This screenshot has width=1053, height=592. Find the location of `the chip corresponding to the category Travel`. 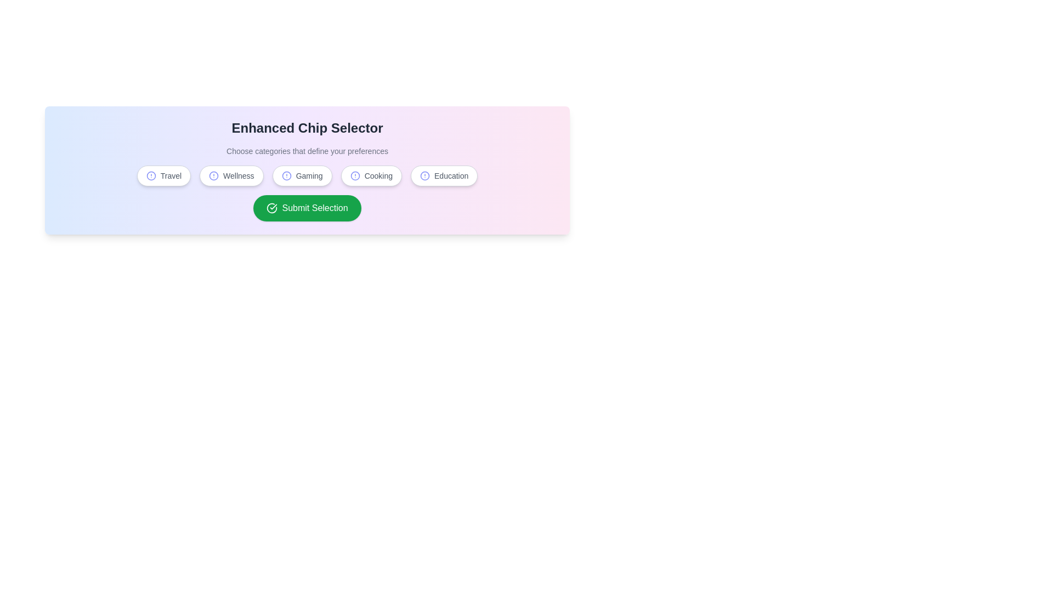

the chip corresponding to the category Travel is located at coordinates (163, 175).